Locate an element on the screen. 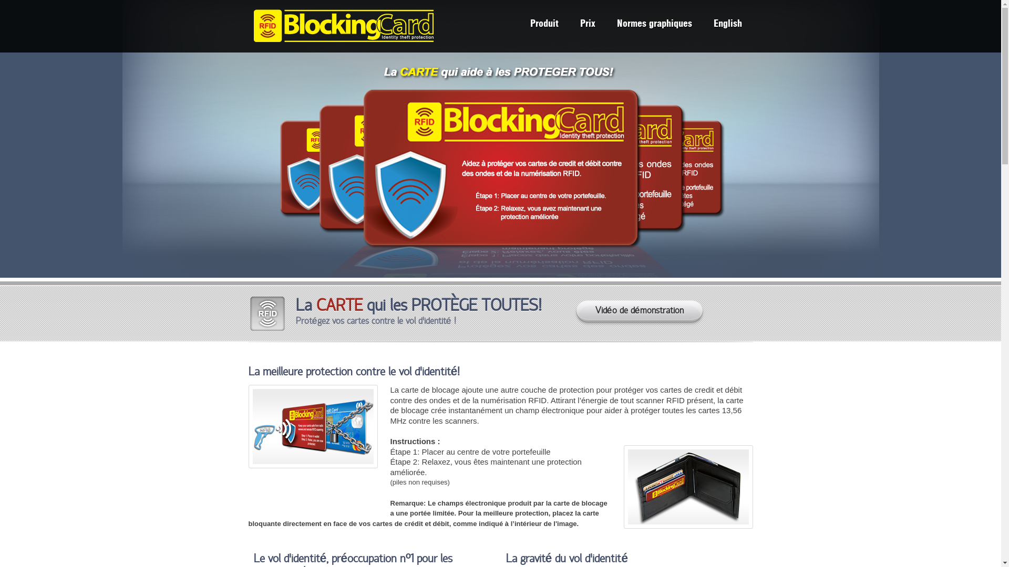 This screenshot has width=1009, height=567. 'Produit' is located at coordinates (544, 25).